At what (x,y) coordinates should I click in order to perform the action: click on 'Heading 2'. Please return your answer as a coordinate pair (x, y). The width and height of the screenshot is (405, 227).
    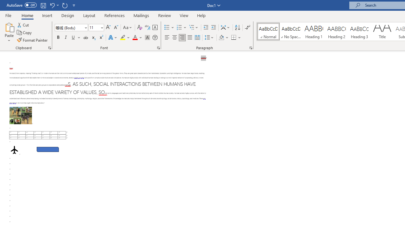
    Looking at the image, I should click on (336, 32).